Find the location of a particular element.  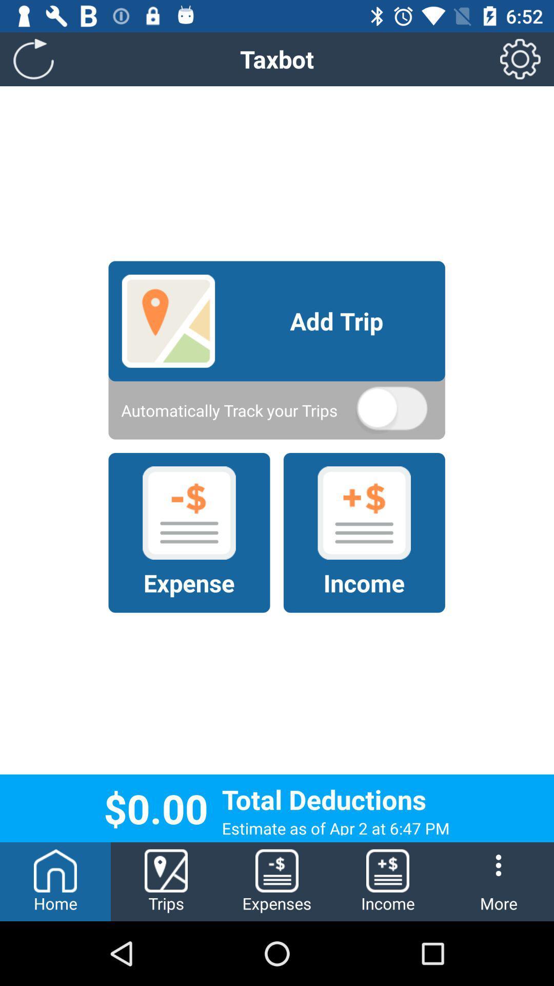

the icon next to the taxbot is located at coordinates (520, 59).